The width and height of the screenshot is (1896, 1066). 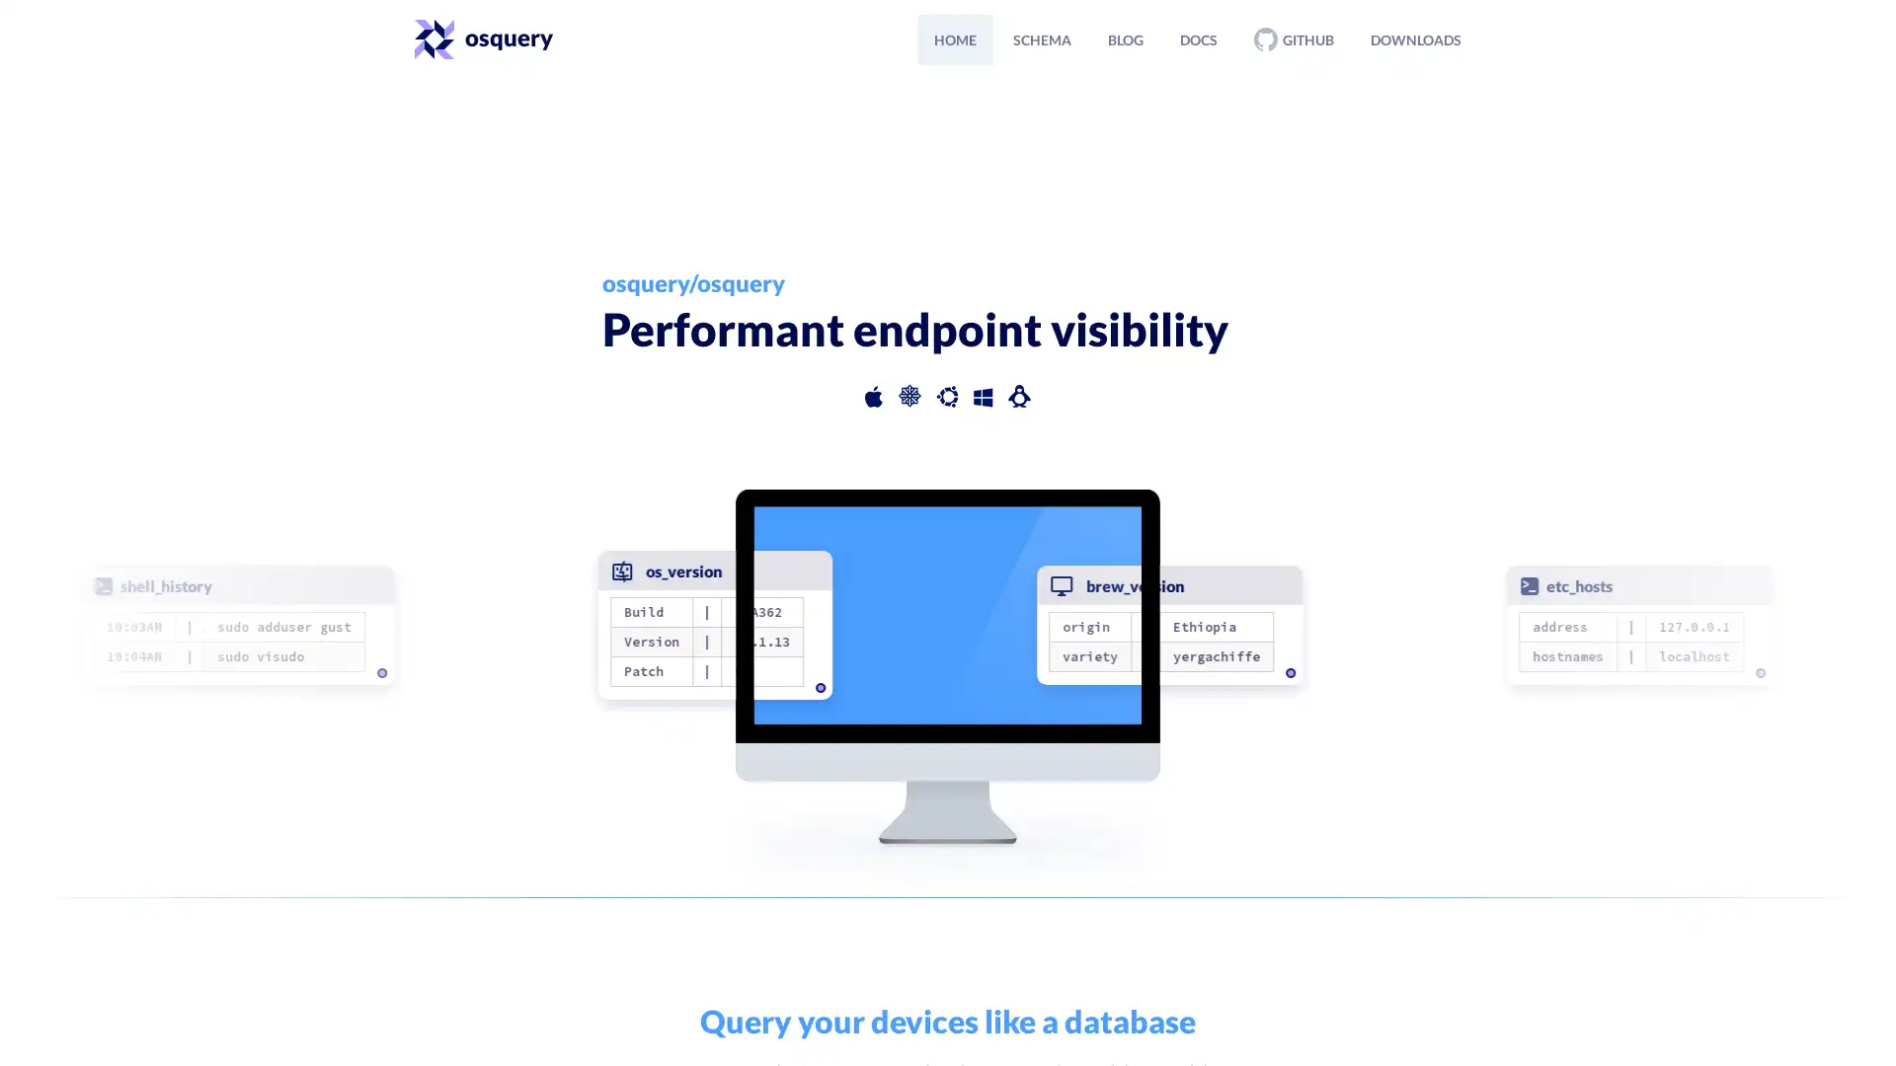 What do you see at coordinates (1415, 38) in the screenshot?
I see `DOWNLOADS` at bounding box center [1415, 38].